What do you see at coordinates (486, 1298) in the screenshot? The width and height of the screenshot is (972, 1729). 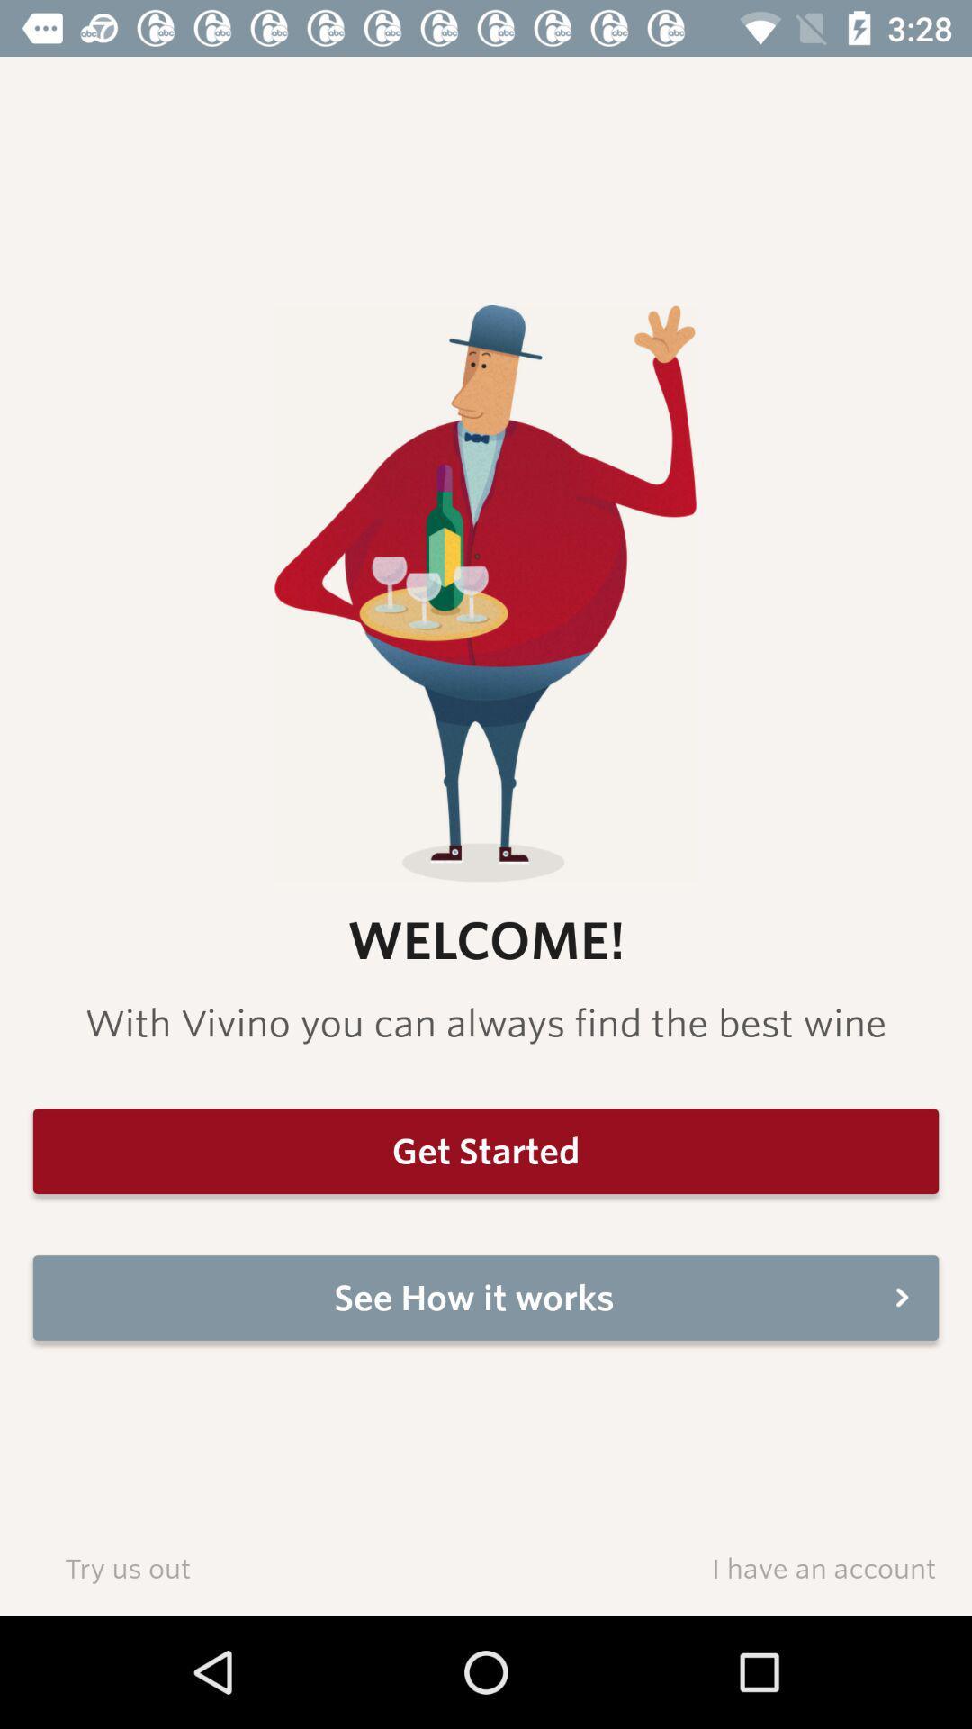 I see `the item above try us out icon` at bounding box center [486, 1298].